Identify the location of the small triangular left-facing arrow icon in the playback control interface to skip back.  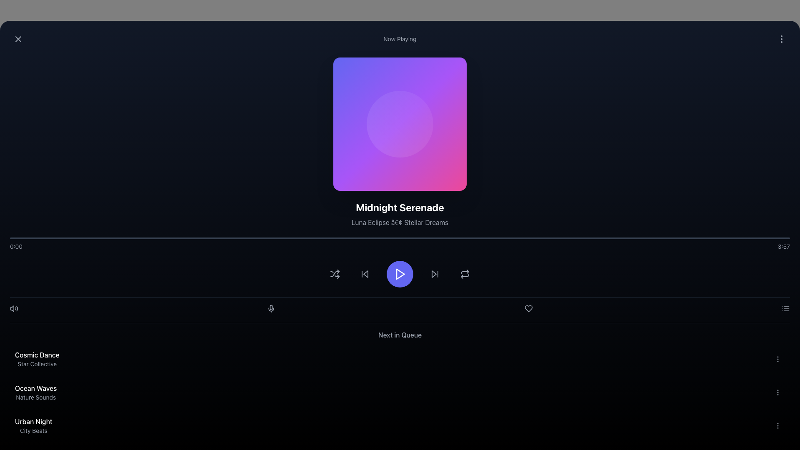
(365, 274).